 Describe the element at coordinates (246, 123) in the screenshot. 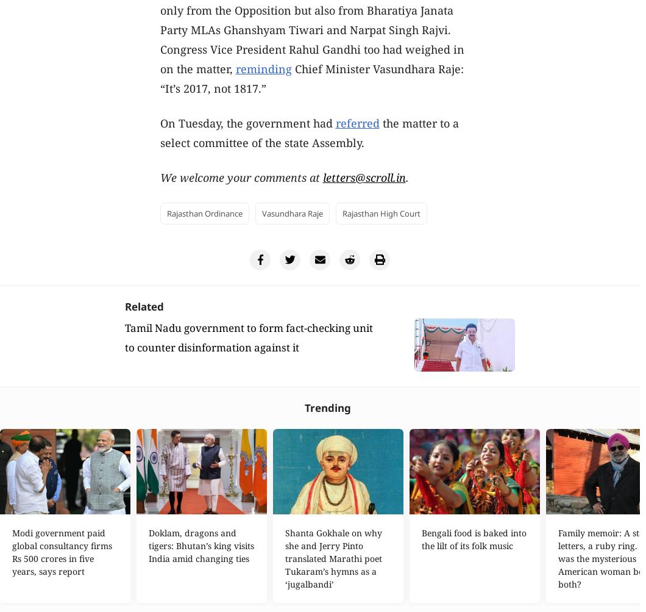

I see `'On Tuesday, the government had'` at that location.